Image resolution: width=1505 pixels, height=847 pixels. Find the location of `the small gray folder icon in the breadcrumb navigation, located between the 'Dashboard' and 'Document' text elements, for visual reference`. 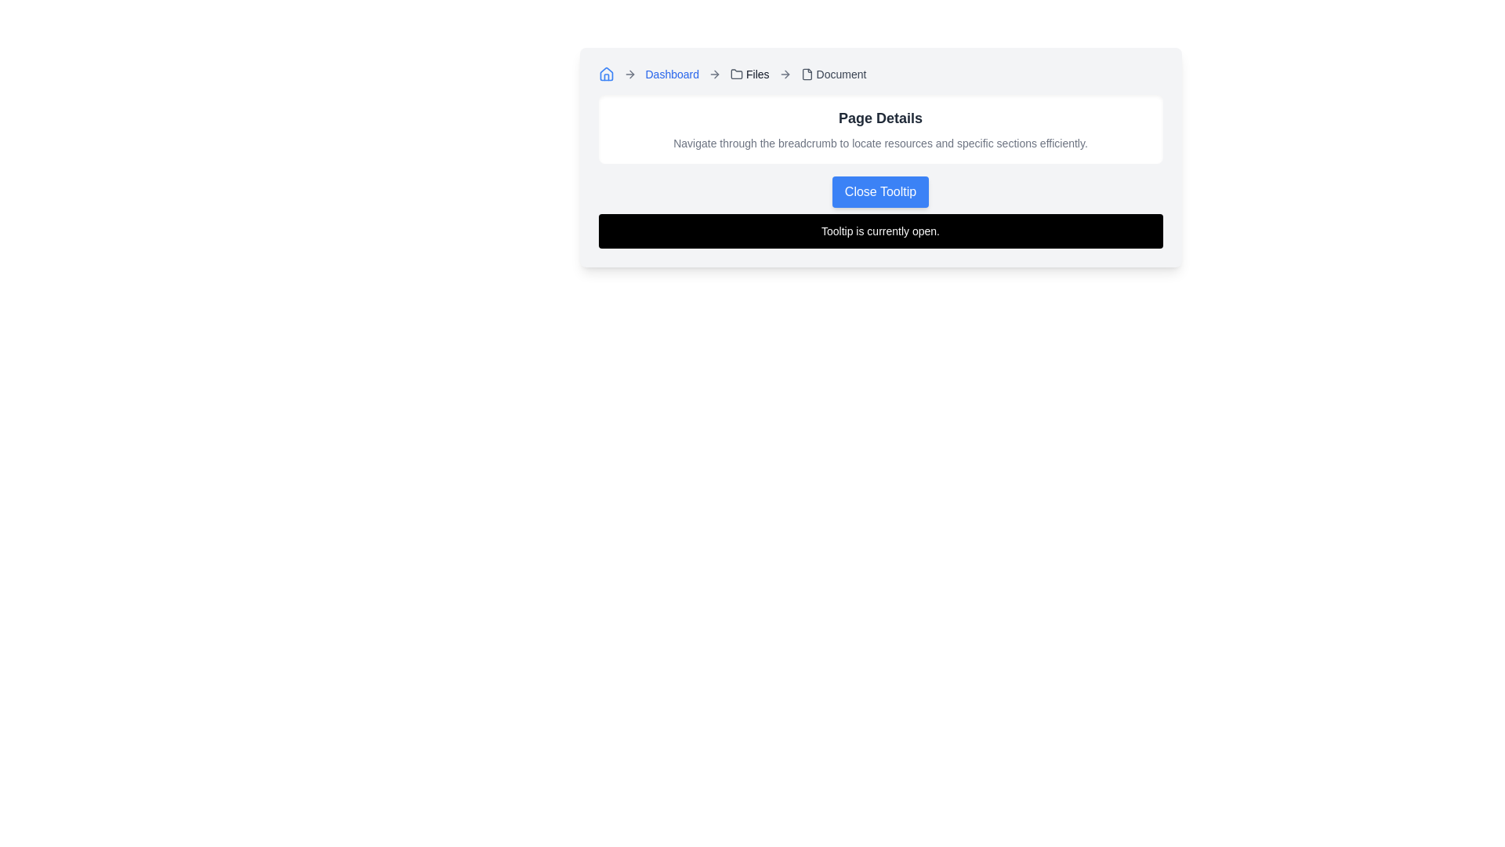

the small gray folder icon in the breadcrumb navigation, located between the 'Dashboard' and 'Document' text elements, for visual reference is located at coordinates (736, 75).